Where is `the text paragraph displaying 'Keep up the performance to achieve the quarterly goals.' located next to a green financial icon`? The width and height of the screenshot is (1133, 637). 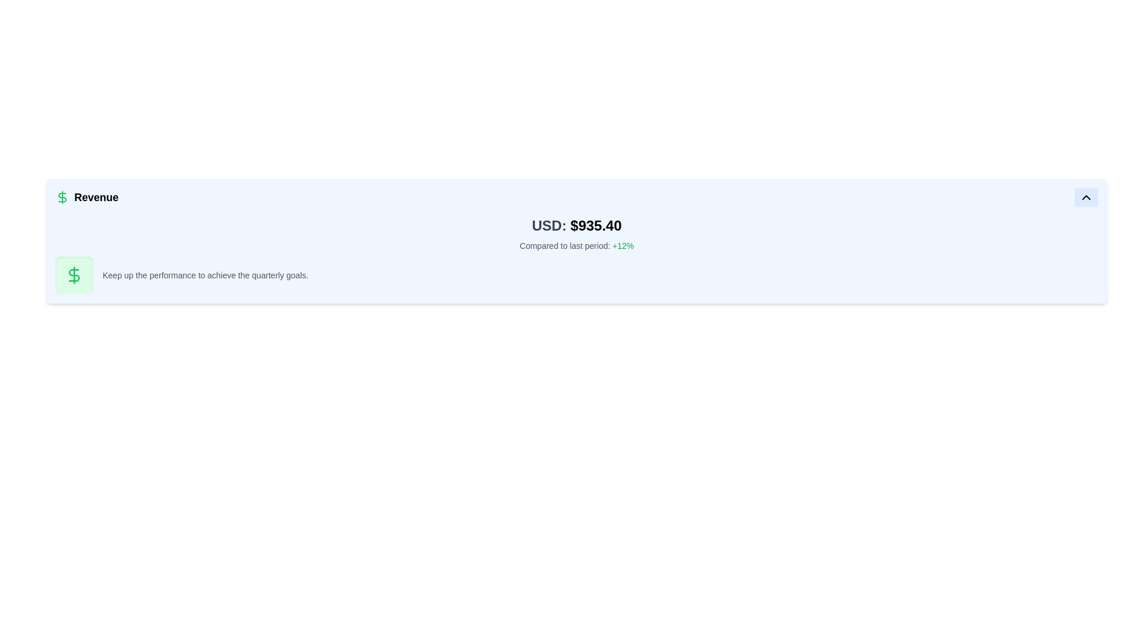
the text paragraph displaying 'Keep up the performance to achieve the quarterly goals.' located next to a green financial icon is located at coordinates (205, 275).